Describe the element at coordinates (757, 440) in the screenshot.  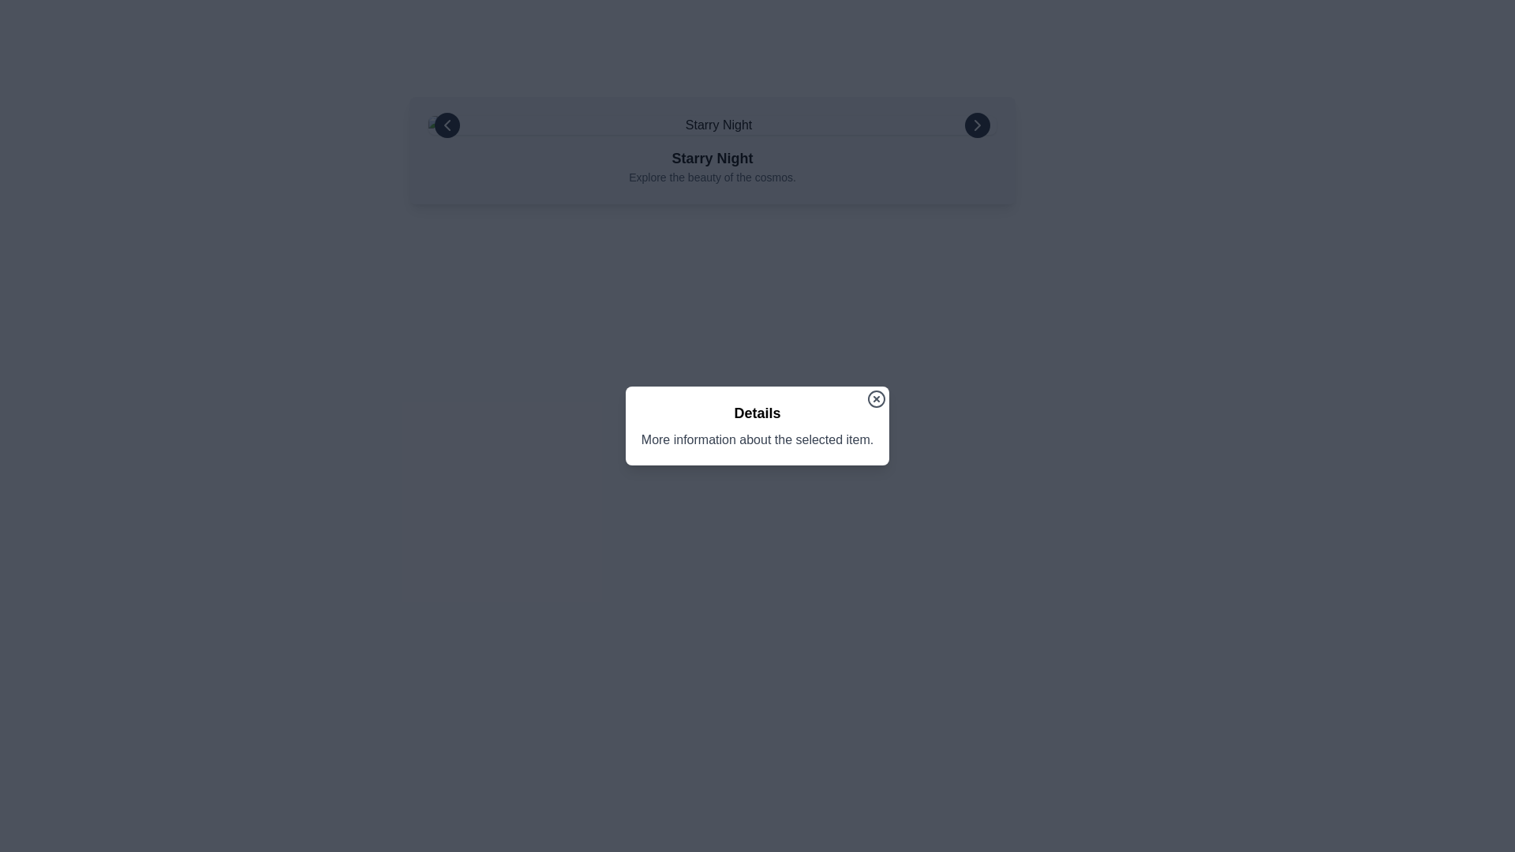
I see `the text label displaying 'More information about the selected item.' which is positioned below the title 'Details' in a modal card` at that location.